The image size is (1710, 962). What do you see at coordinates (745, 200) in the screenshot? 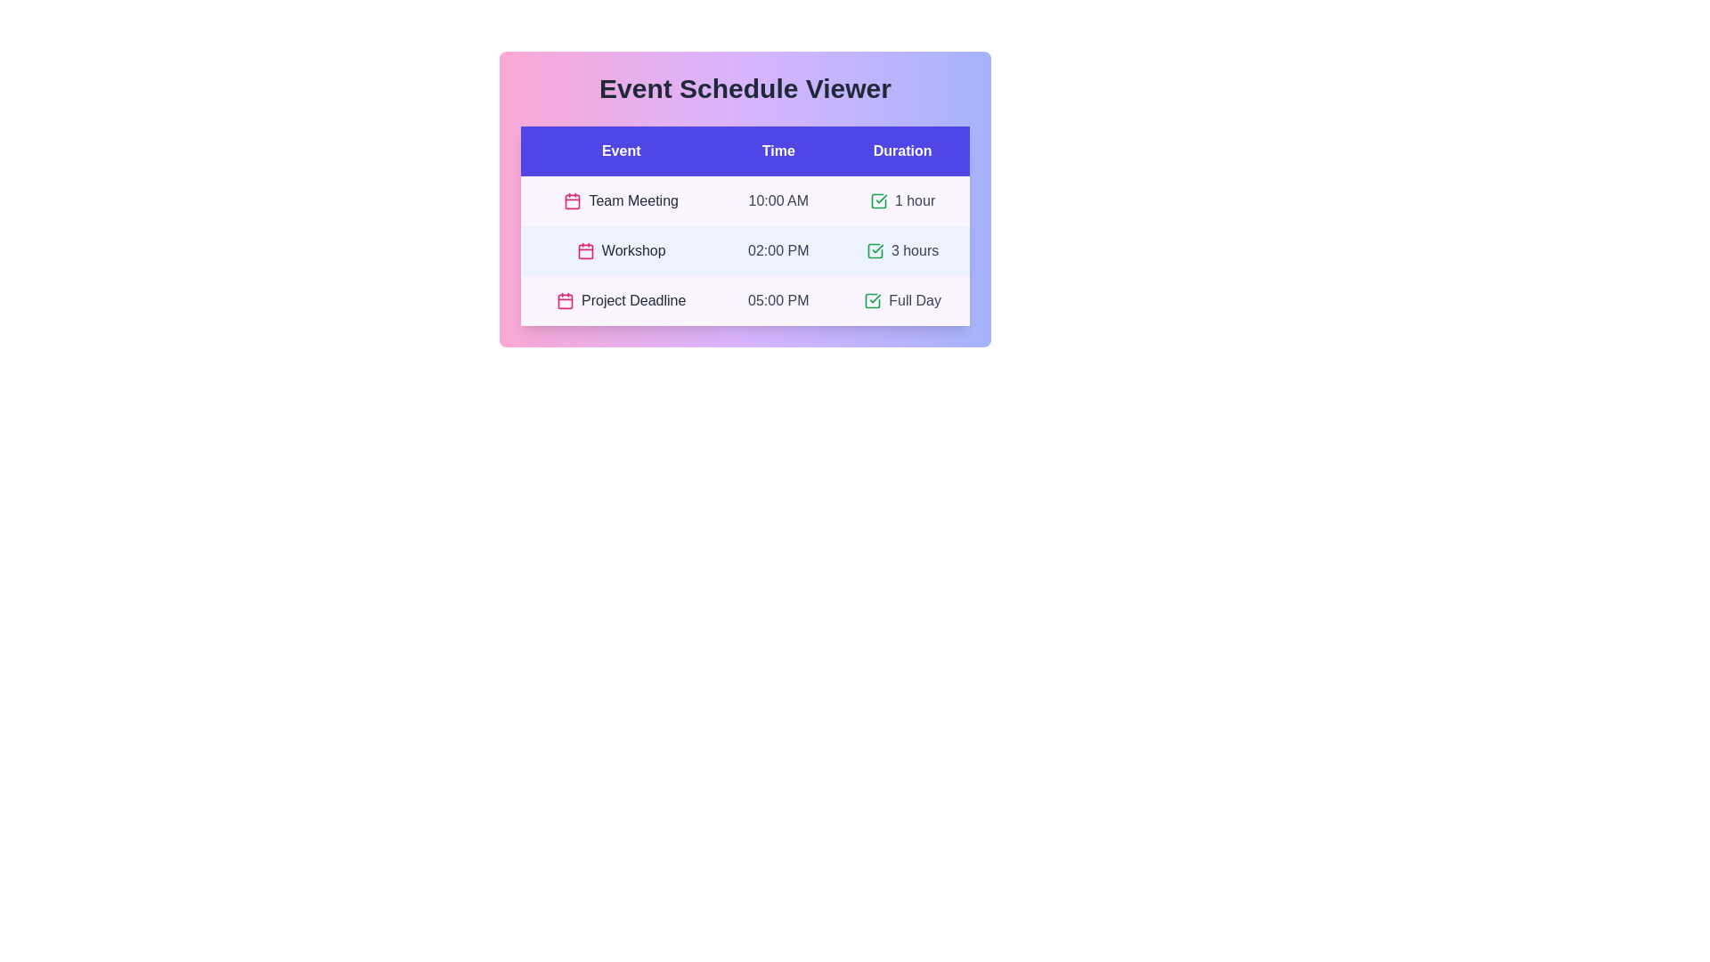
I see `the row corresponding to Team Meeting` at bounding box center [745, 200].